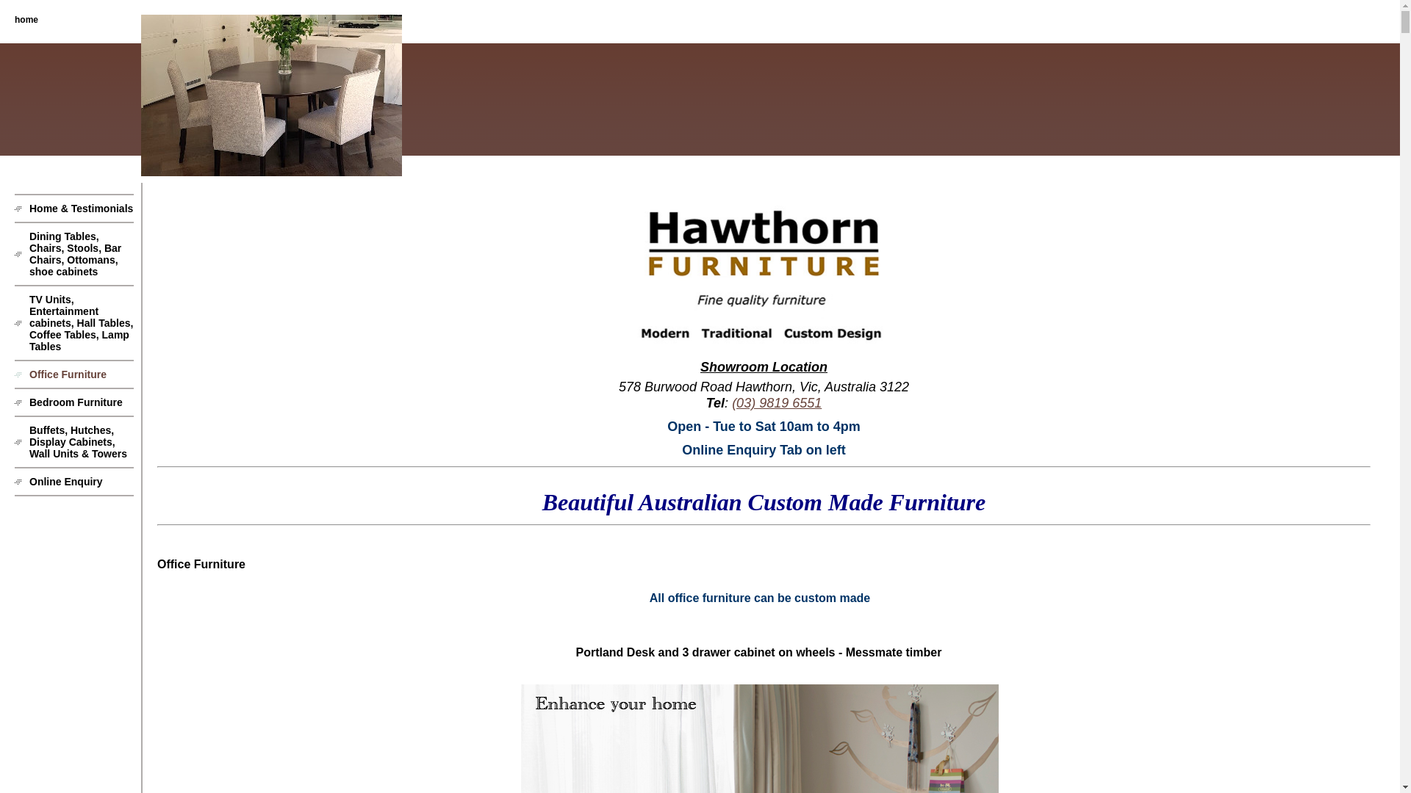 The width and height of the screenshot is (1411, 793). Describe the element at coordinates (73, 402) in the screenshot. I see `'Bedroom Furniture'` at that location.